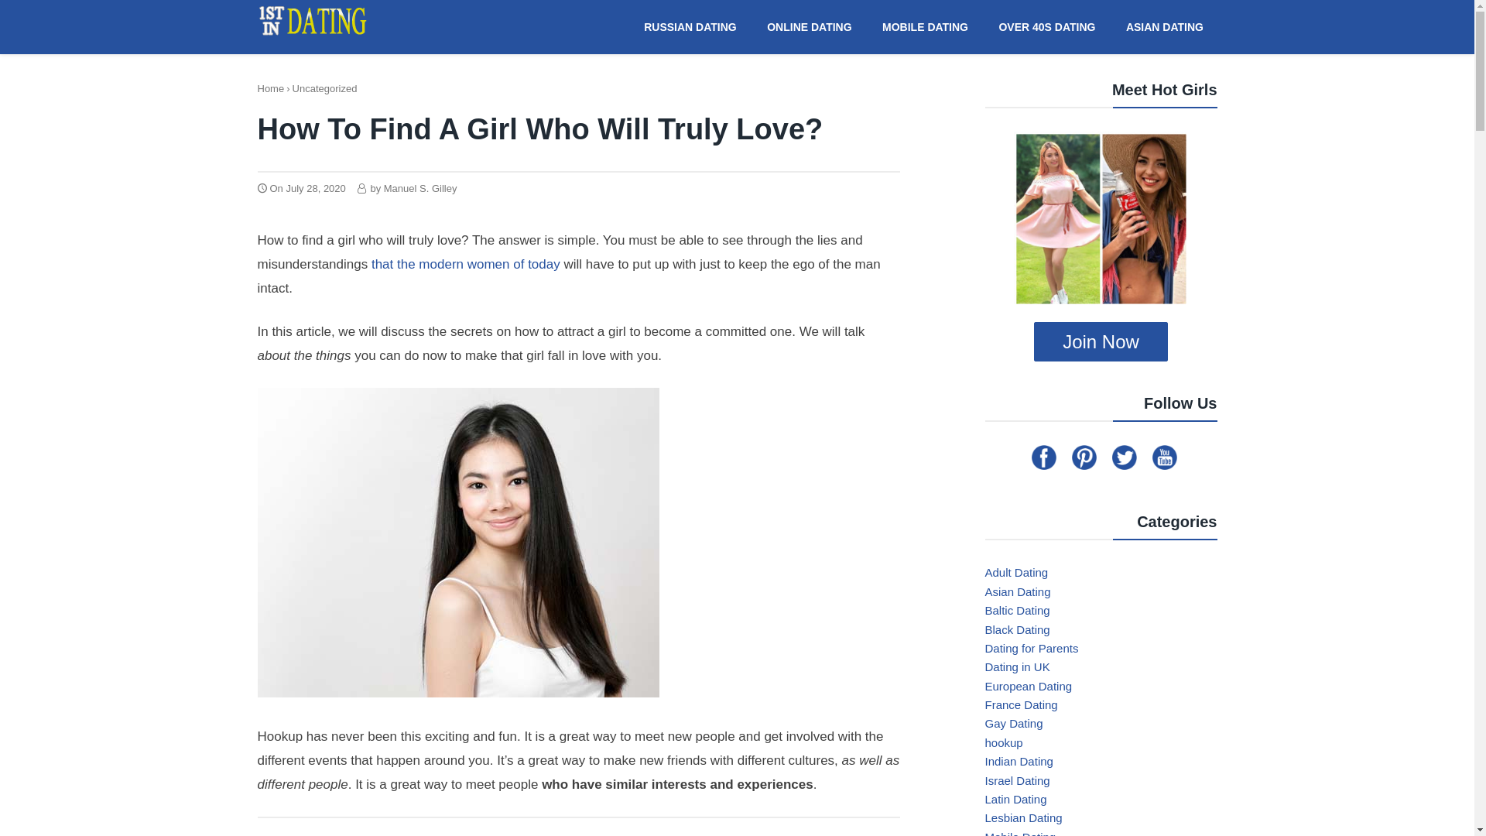 The image size is (1486, 836). What do you see at coordinates (1016, 572) in the screenshot?
I see `'Adult Dating'` at bounding box center [1016, 572].